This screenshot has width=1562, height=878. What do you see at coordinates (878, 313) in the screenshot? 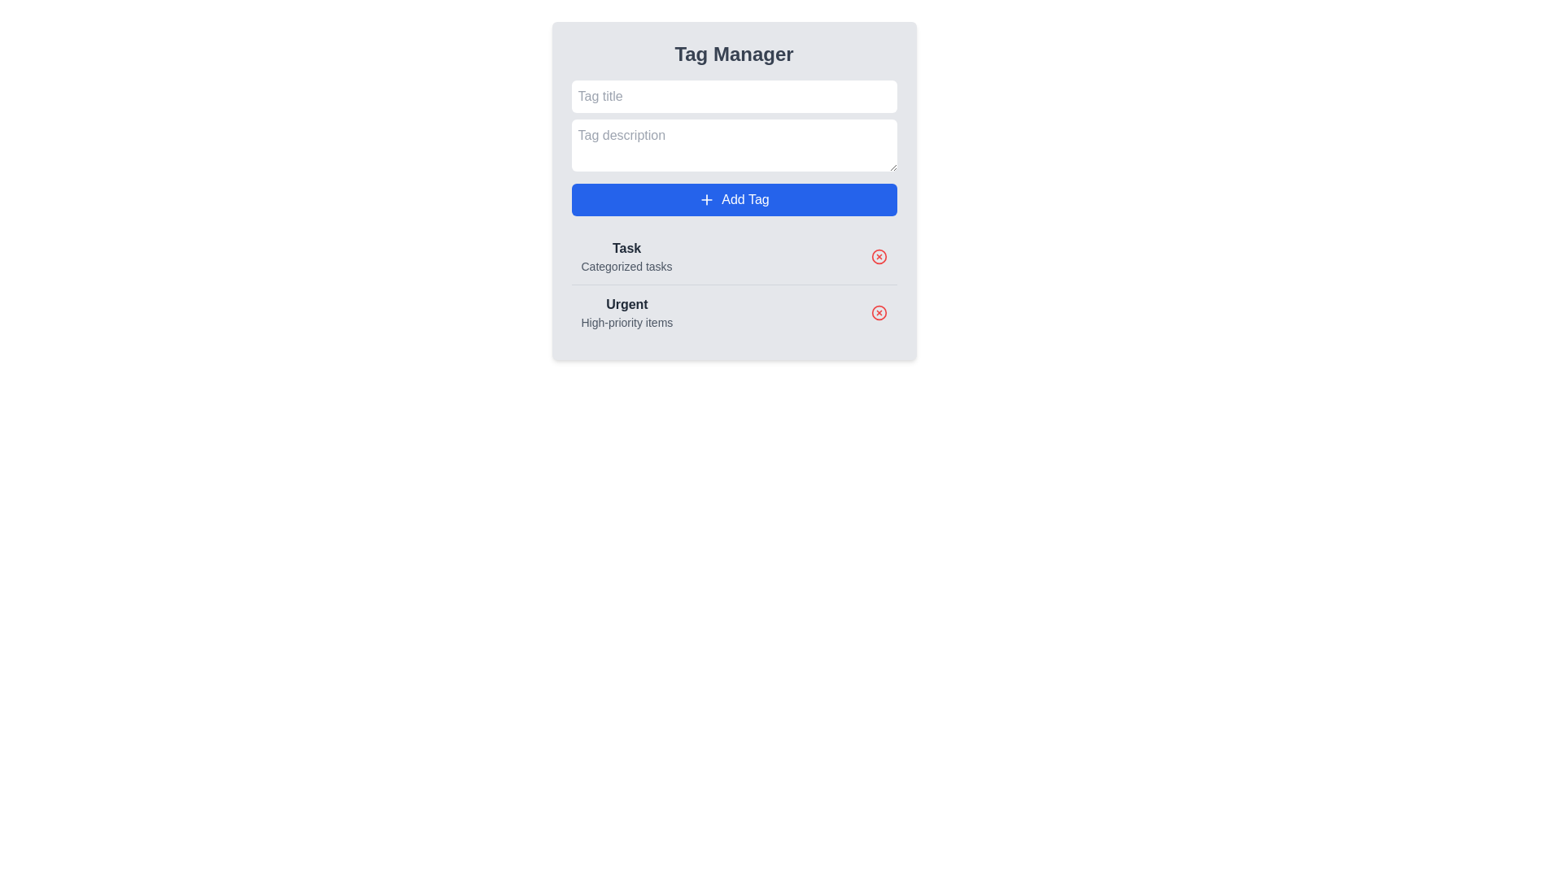
I see `the delete icon representing the 'Urgent' task item located to the right of the 'Urgent' label` at bounding box center [878, 313].